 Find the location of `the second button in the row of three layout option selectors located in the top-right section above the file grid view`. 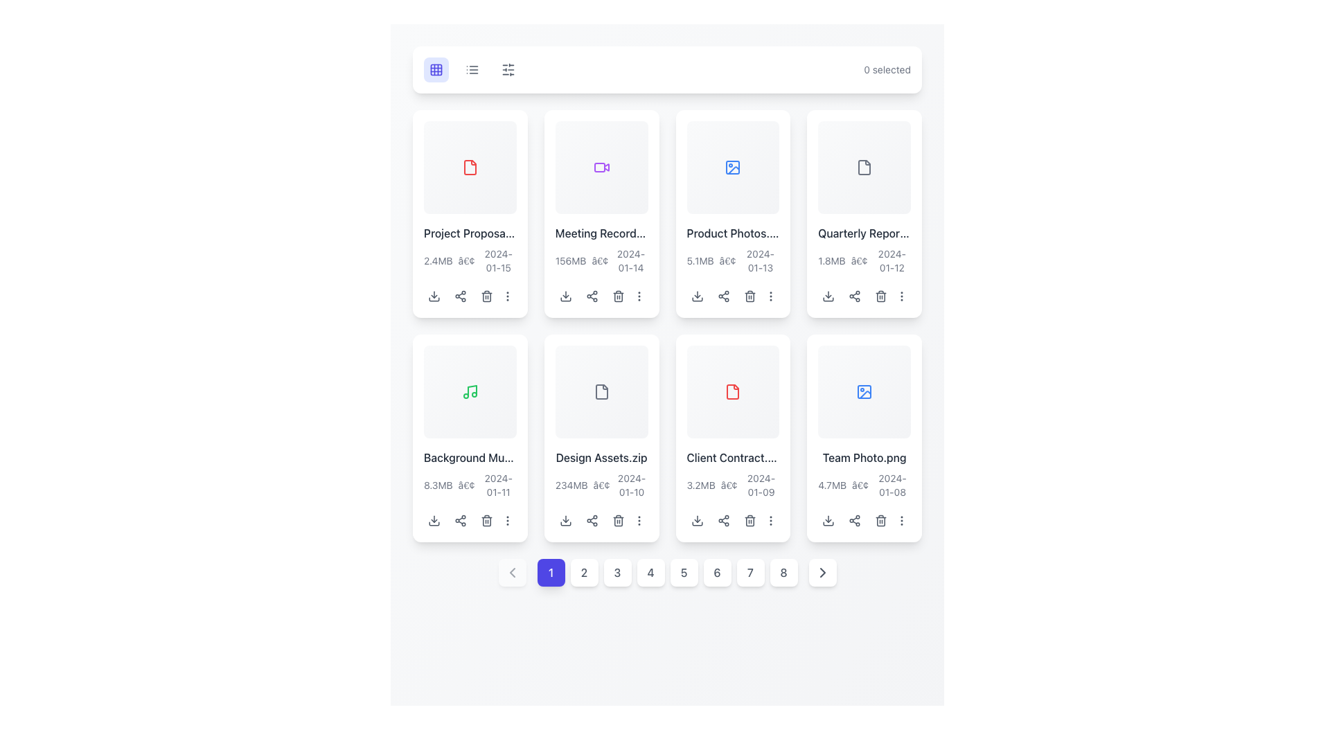

the second button in the row of three layout option selectors located in the top-right section above the file grid view is located at coordinates (472, 69).